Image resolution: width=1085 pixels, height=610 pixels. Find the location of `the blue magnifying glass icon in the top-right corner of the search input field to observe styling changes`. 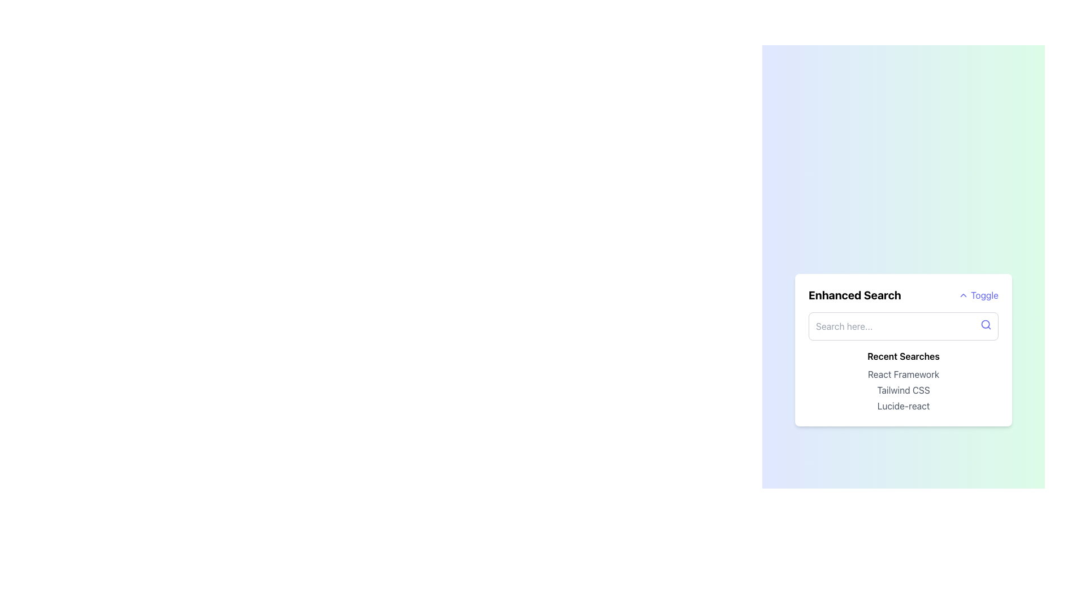

the blue magnifying glass icon in the top-right corner of the search input field to observe styling changes is located at coordinates (986, 324).